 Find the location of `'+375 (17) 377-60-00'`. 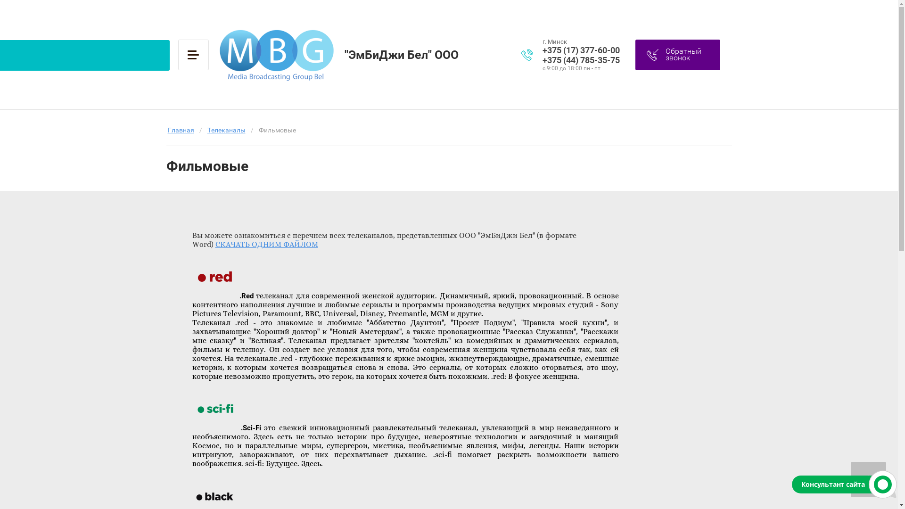

'+375 (17) 377-60-00' is located at coordinates (584, 50).